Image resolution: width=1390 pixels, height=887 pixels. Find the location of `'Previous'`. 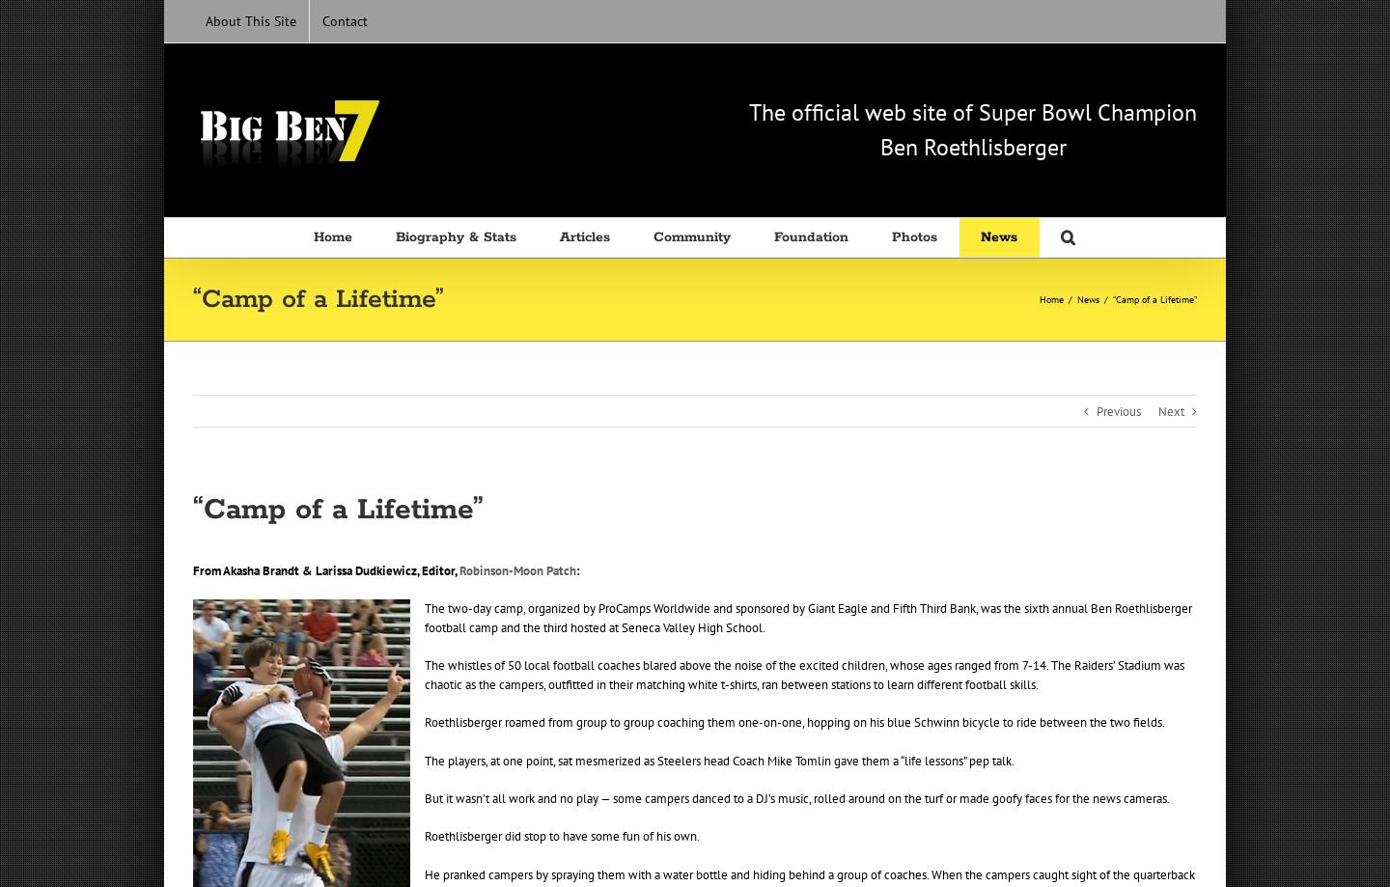

'Previous' is located at coordinates (1119, 411).